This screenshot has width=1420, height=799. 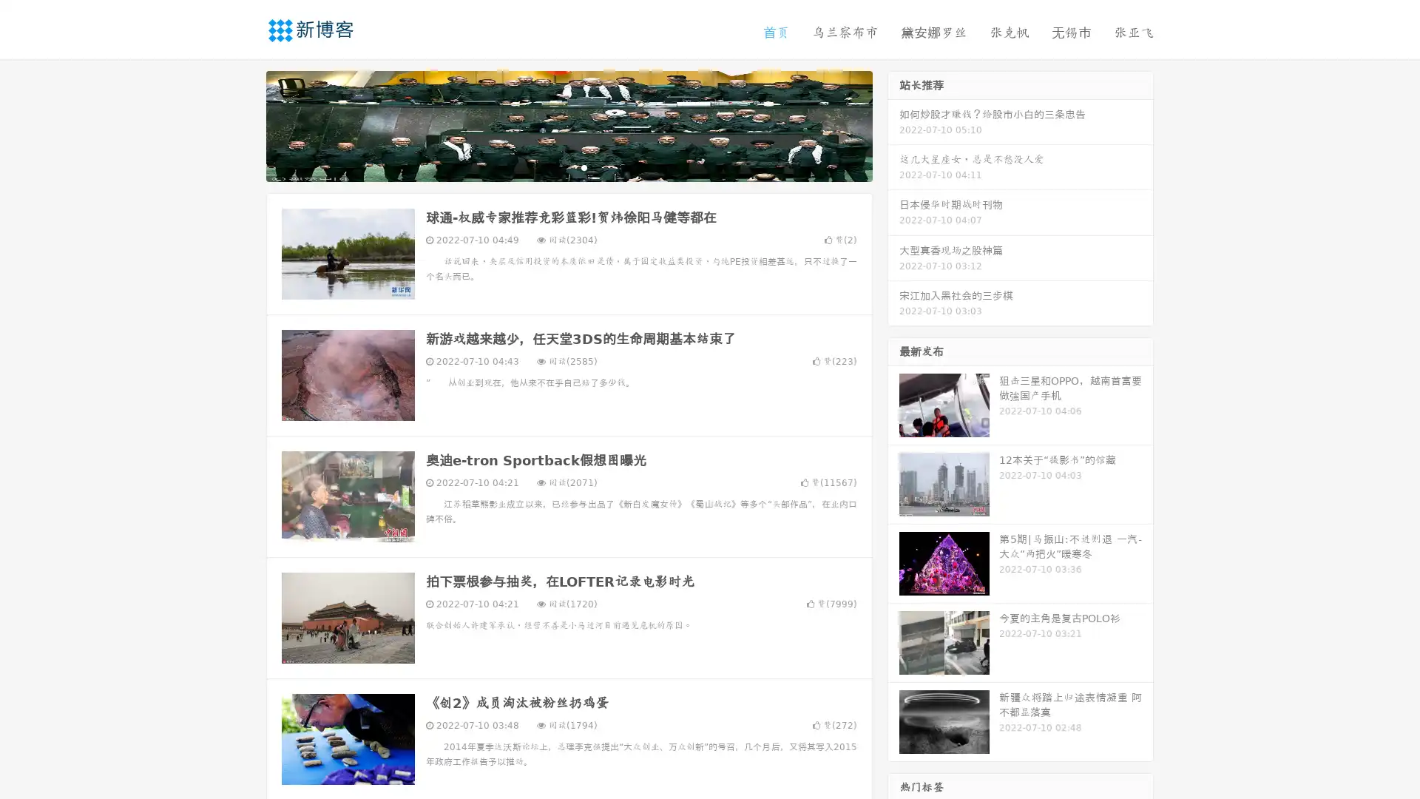 I want to click on Previous slide, so click(x=244, y=124).